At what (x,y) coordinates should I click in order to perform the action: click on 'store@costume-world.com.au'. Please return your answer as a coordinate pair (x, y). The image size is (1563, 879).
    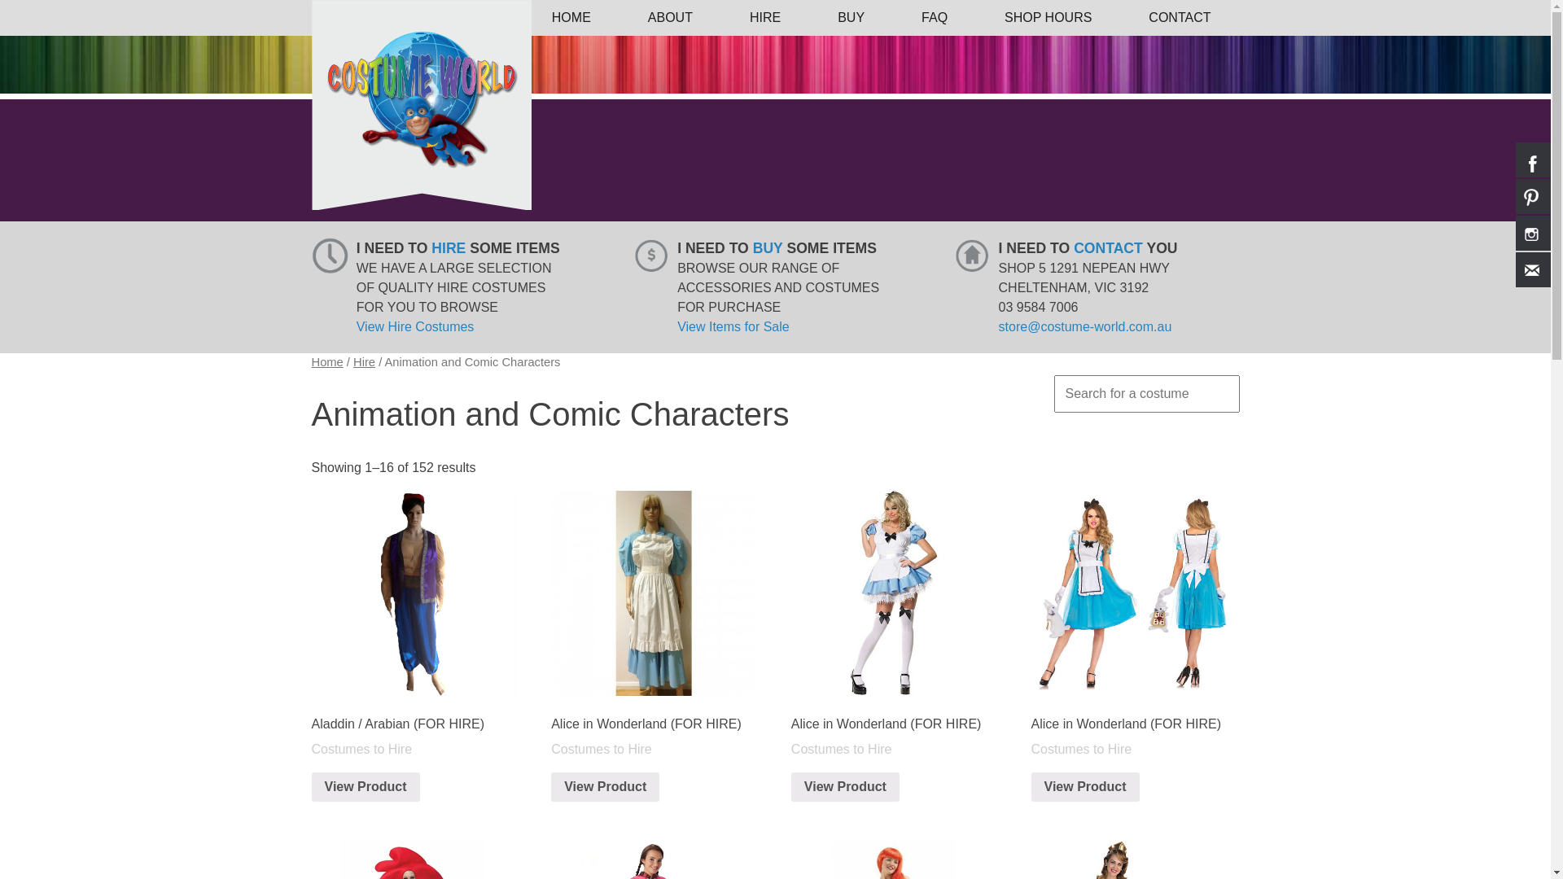
    Looking at the image, I should click on (1085, 326).